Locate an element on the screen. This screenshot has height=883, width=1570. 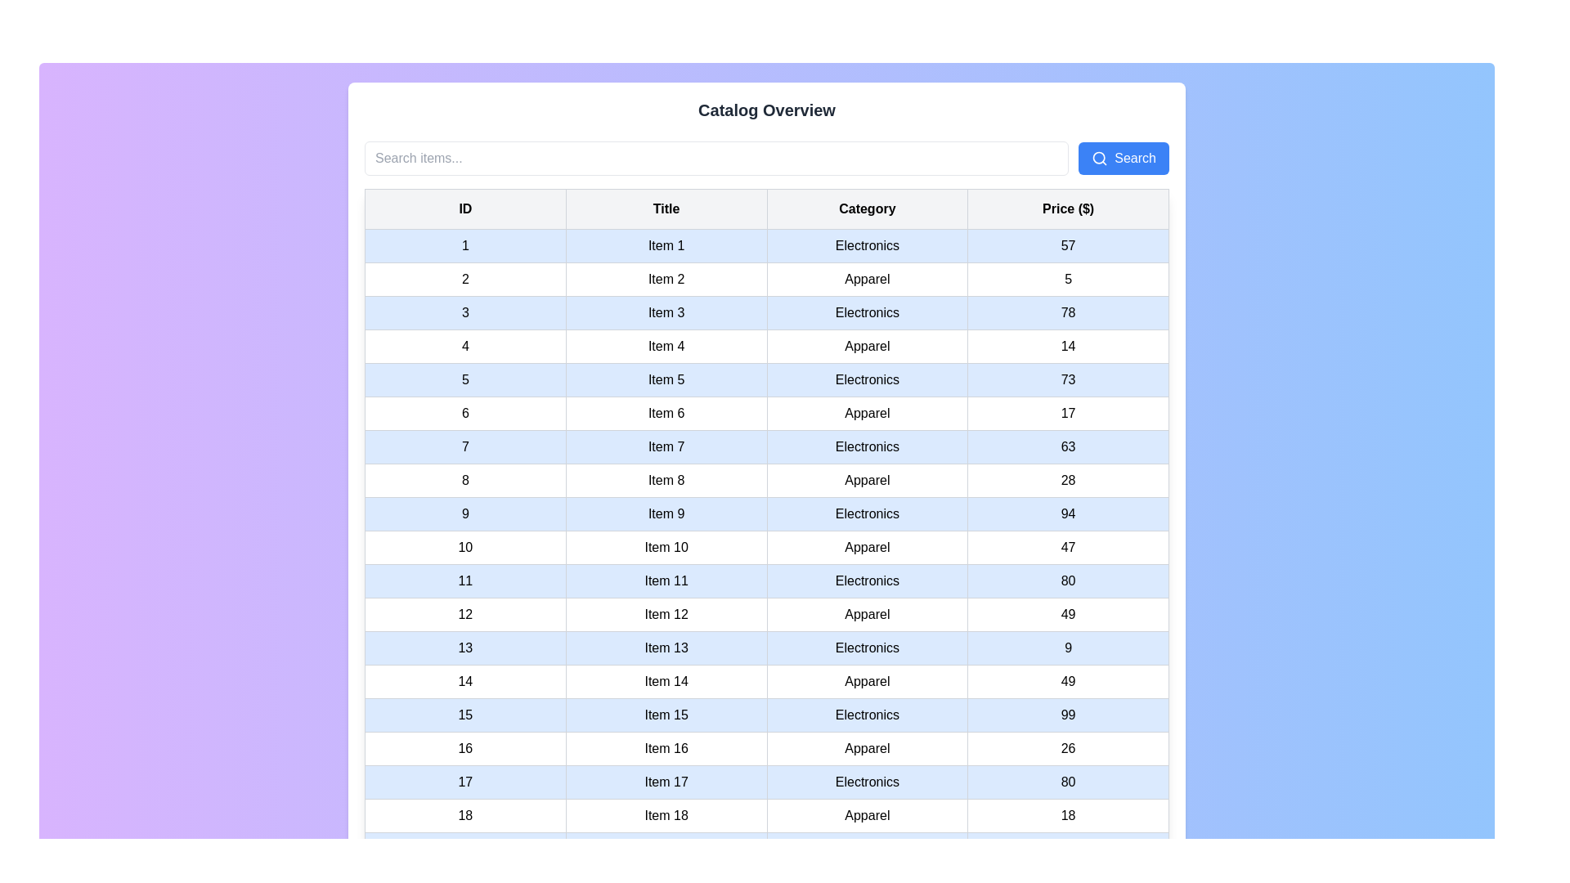
the table row containing structured information about an item is located at coordinates (765, 816).